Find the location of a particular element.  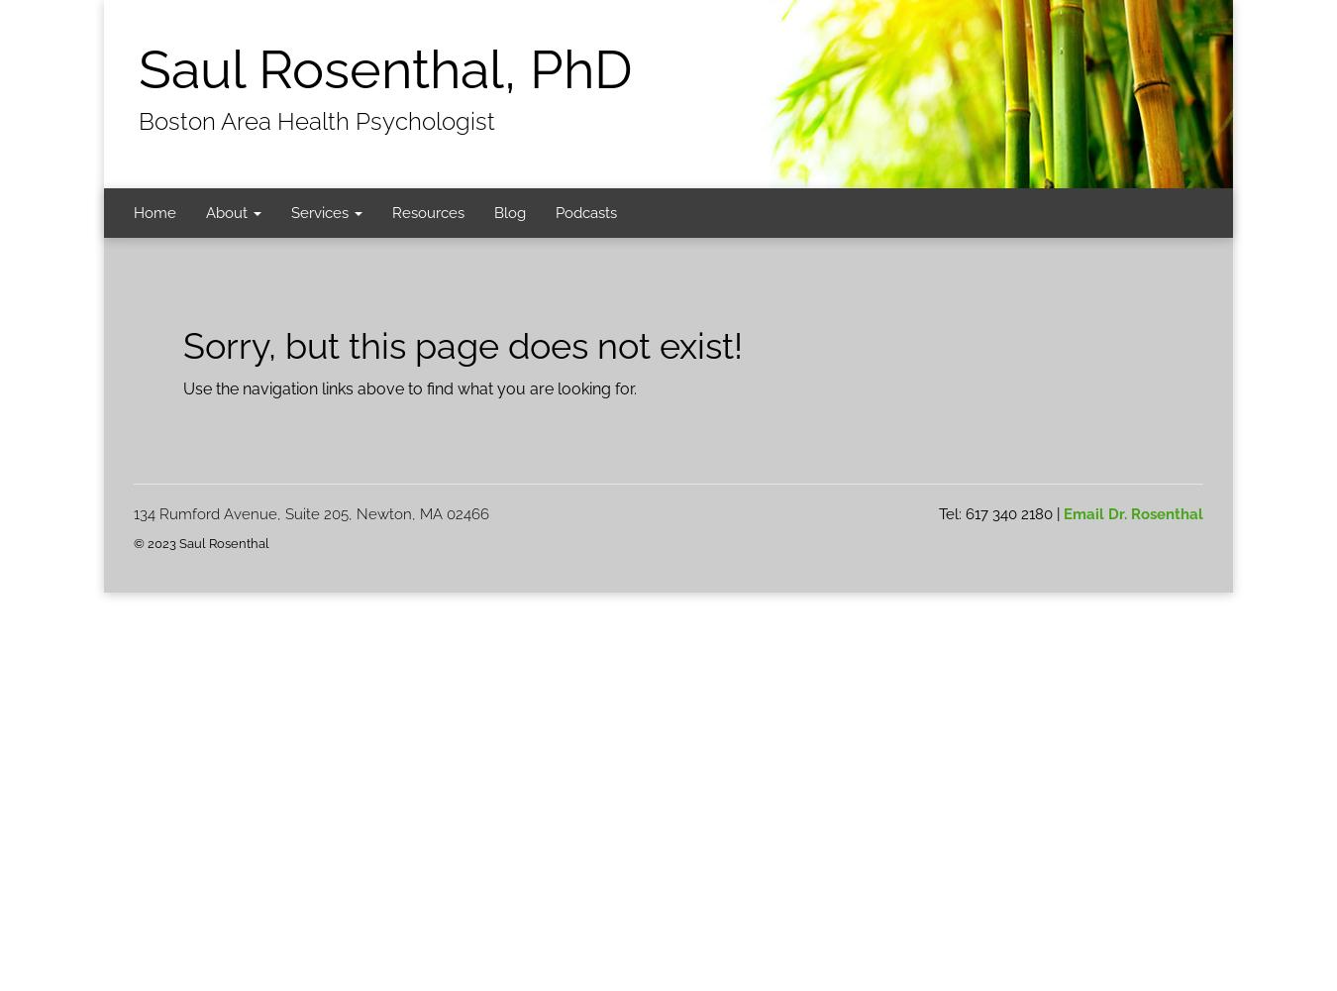

'Saul Rosenthal, PhD' is located at coordinates (385, 68).